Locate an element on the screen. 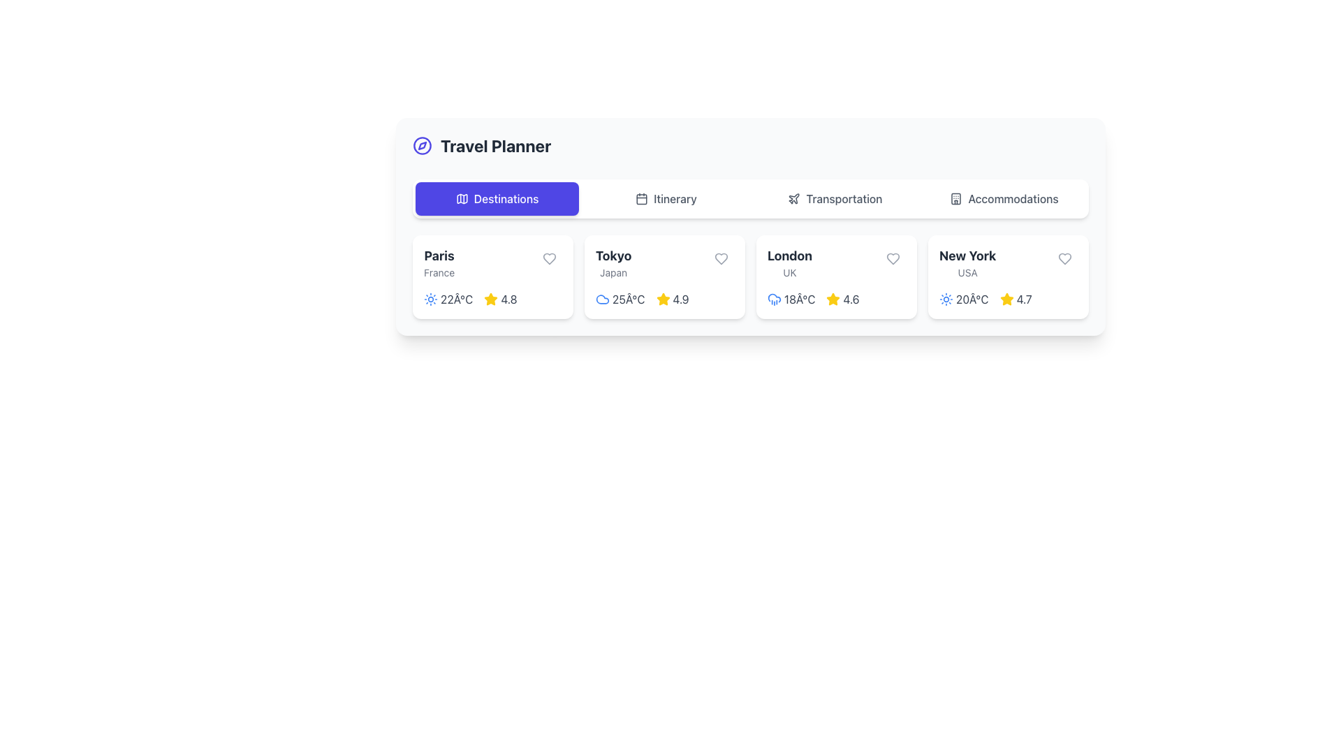 This screenshot has height=754, width=1341. the 'Itinerary' icon, which serves as a visual indicator for the 'Itinerary' navigation button, located to the left of the 'Itinerary' text is located at coordinates (641, 199).